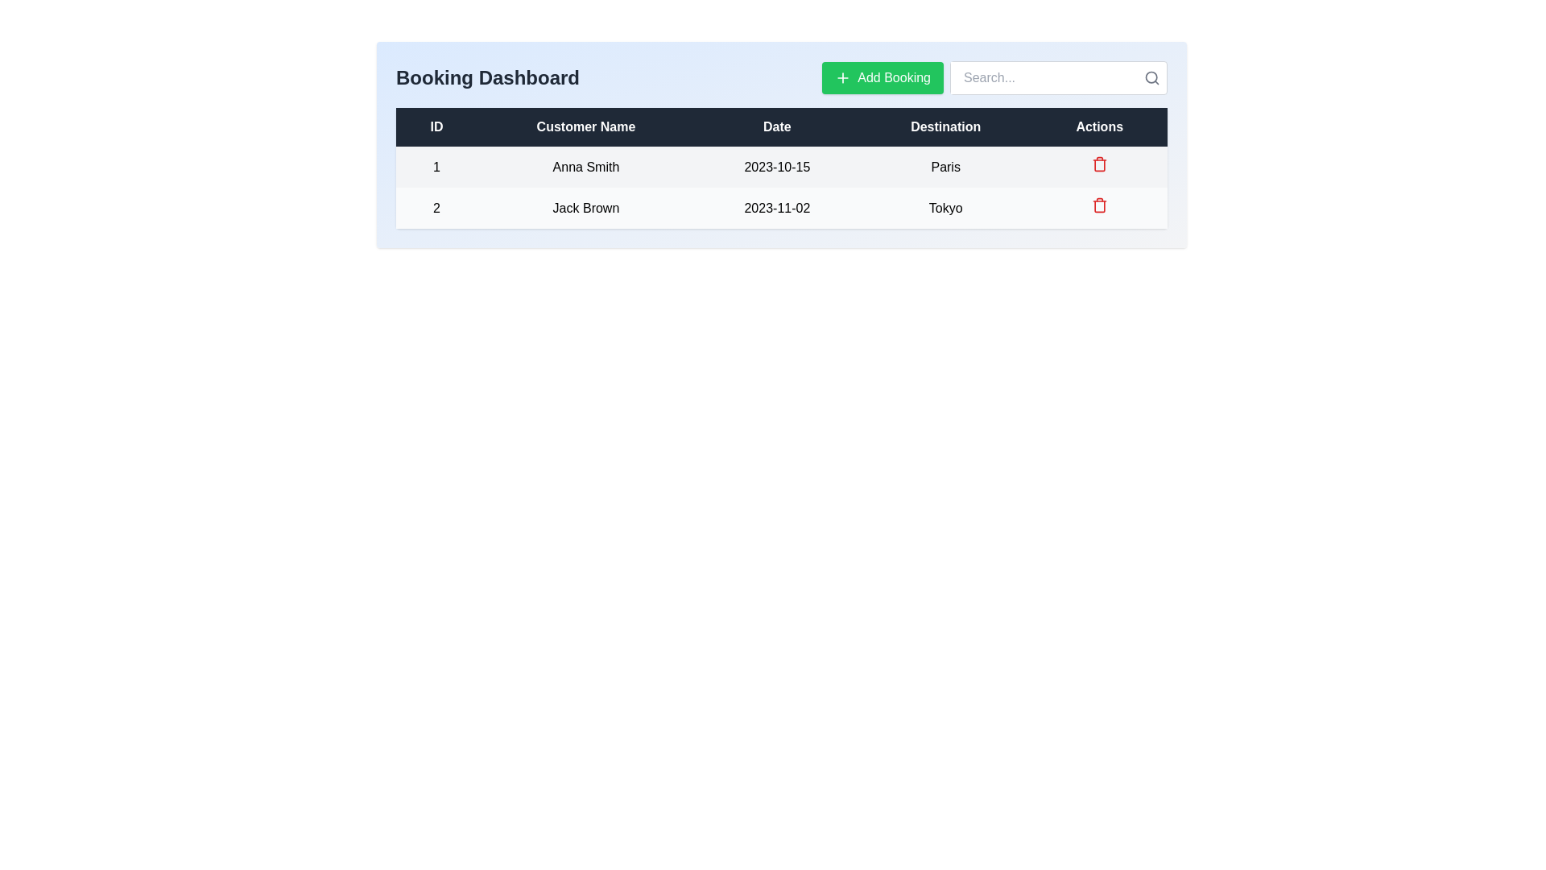 This screenshot has width=1546, height=870. I want to click on the non-interactive text label displaying the destination for Jack Brown's booking, located in the fourth cell of the second row of the table, so click(945, 207).